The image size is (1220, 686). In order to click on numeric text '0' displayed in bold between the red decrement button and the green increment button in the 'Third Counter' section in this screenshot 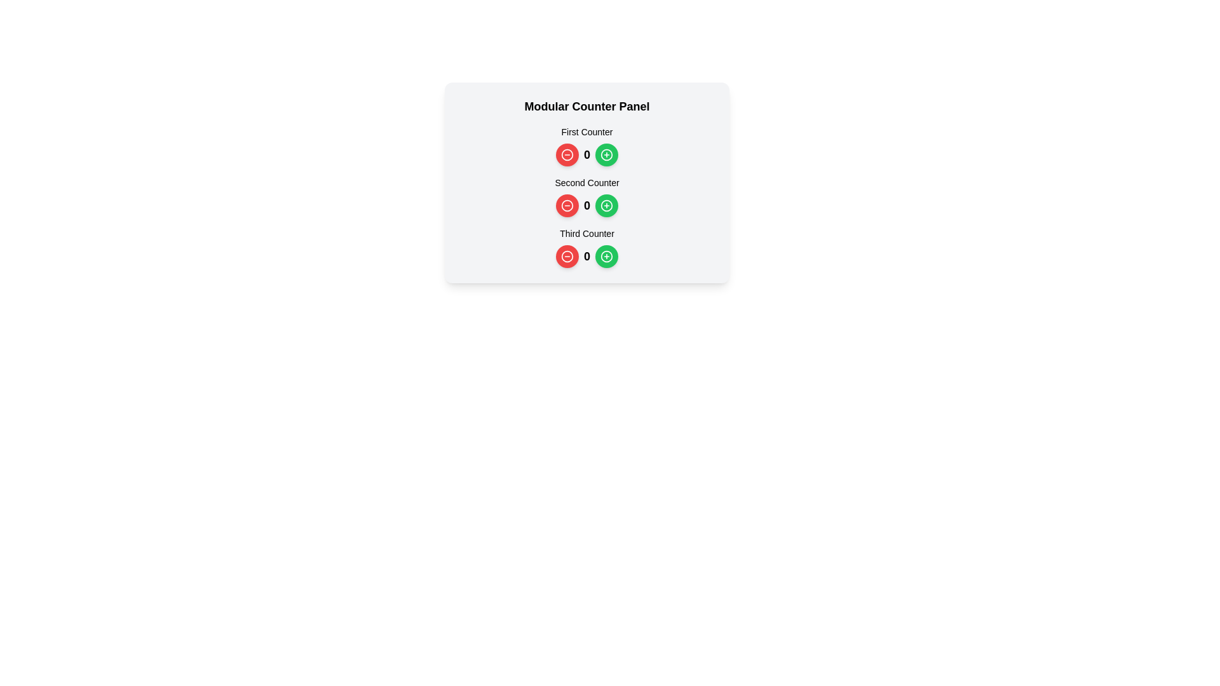, I will do `click(586, 257)`.